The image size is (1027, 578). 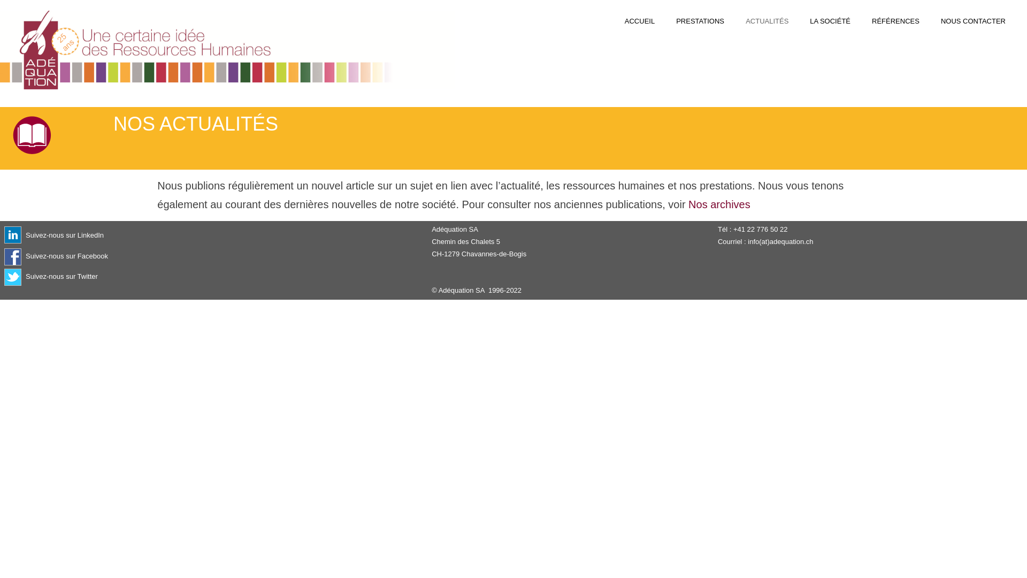 I want to click on 'PRESTATIONS', so click(x=700, y=21).